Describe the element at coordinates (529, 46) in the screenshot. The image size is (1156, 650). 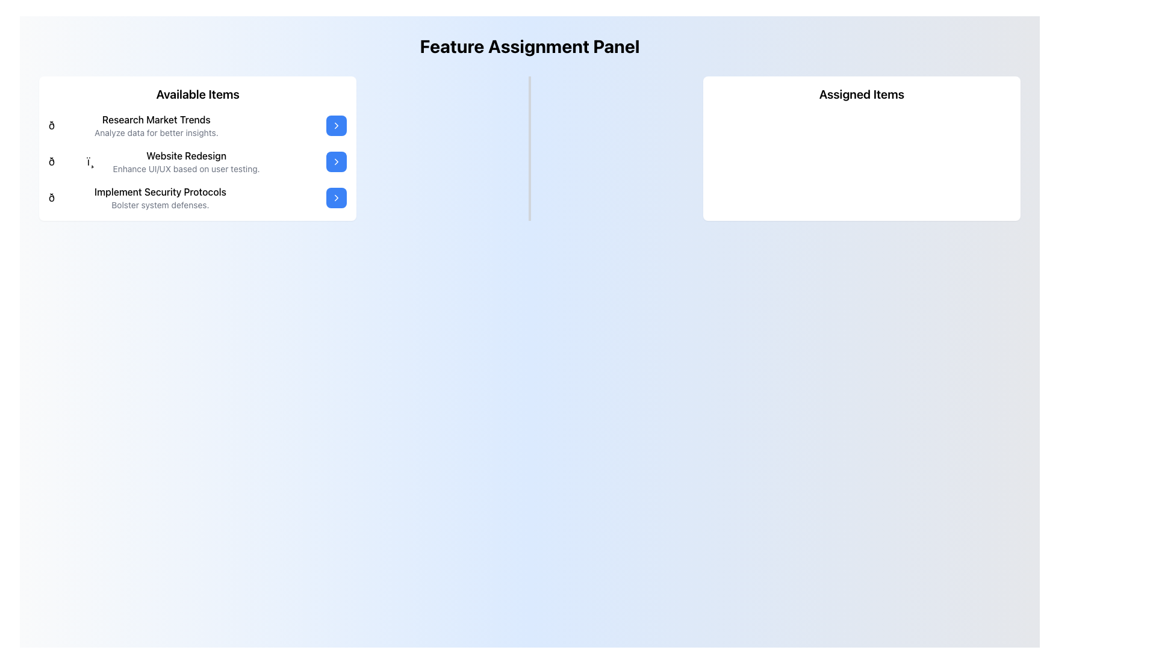
I see `text displayed in the header labeled 'Feature Assignment Panel', which is a bold, large, and centered text at the top of the interface` at that location.